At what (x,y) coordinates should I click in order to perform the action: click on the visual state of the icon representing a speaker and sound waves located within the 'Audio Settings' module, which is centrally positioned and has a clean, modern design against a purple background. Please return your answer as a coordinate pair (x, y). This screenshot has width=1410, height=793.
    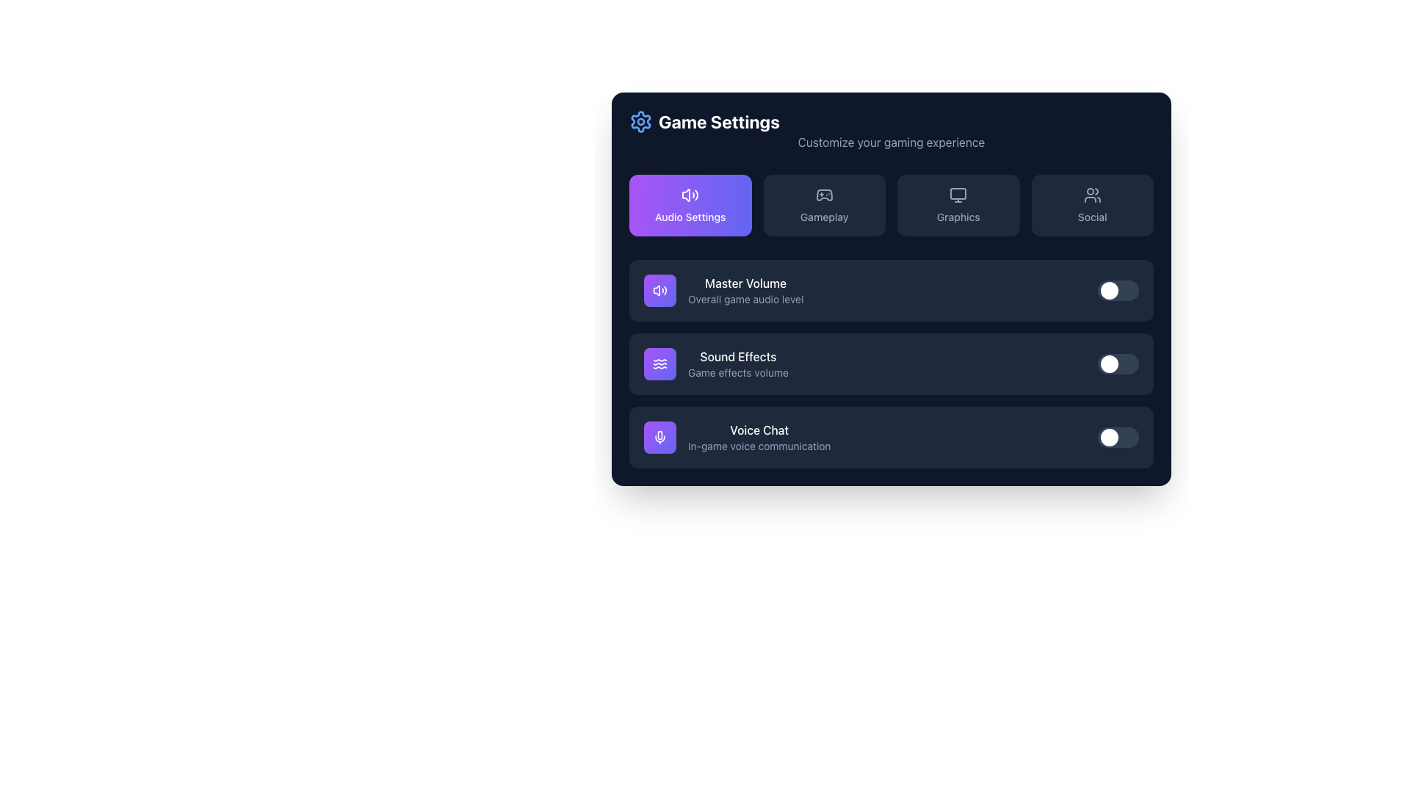
    Looking at the image, I should click on (690, 195).